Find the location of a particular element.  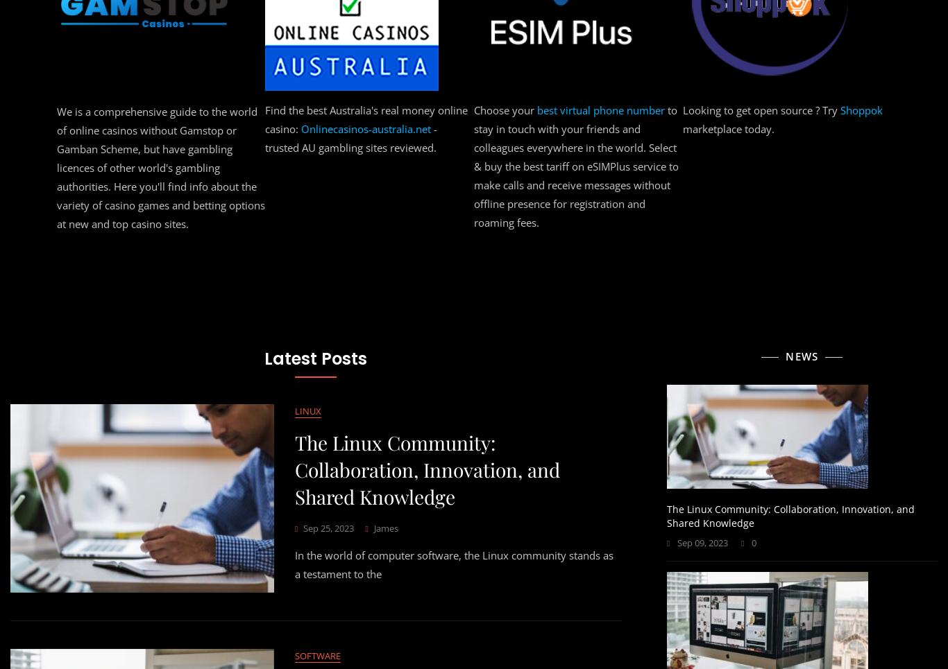

'best design agencies in the world' is located at coordinates (415, 110).